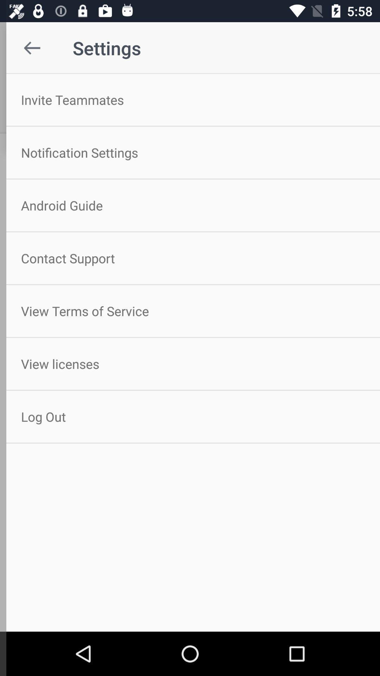 This screenshot has height=676, width=380. I want to click on icon below the android guide icon, so click(190, 258).